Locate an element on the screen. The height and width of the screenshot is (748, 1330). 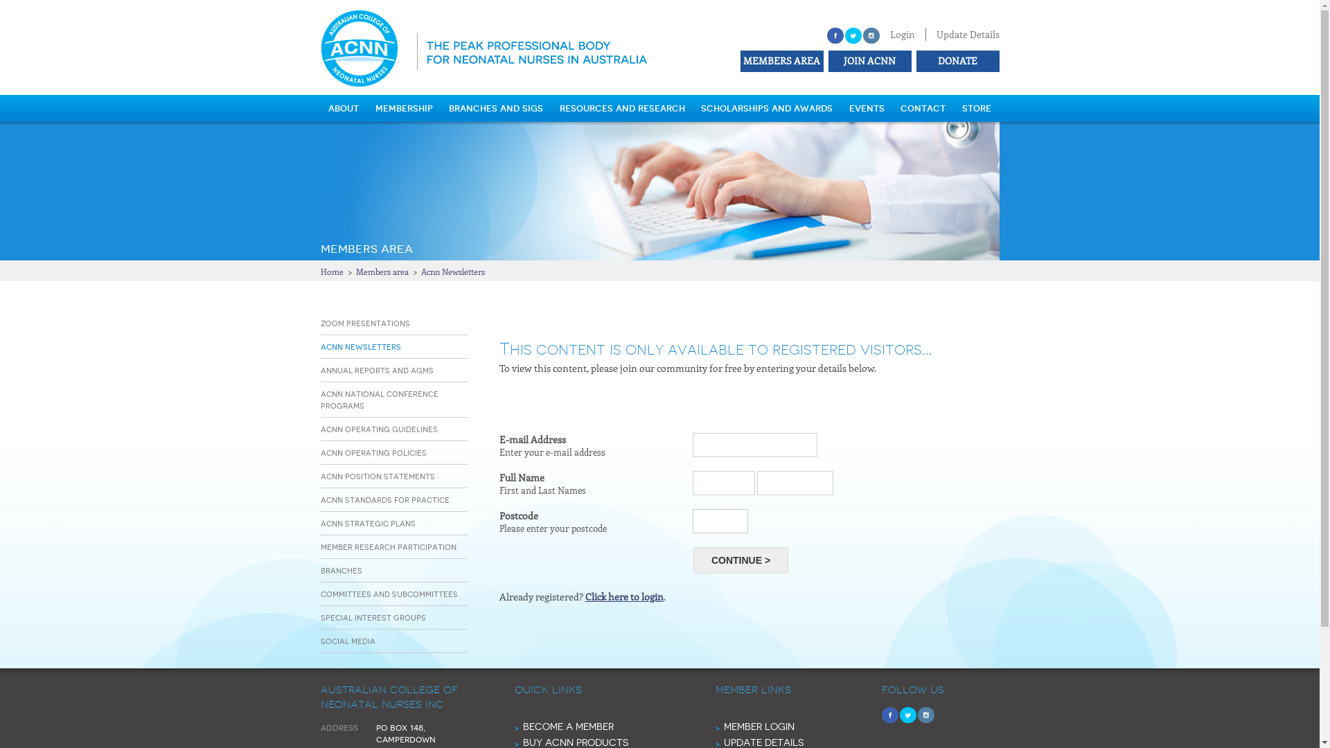
'events' is located at coordinates (866, 107).